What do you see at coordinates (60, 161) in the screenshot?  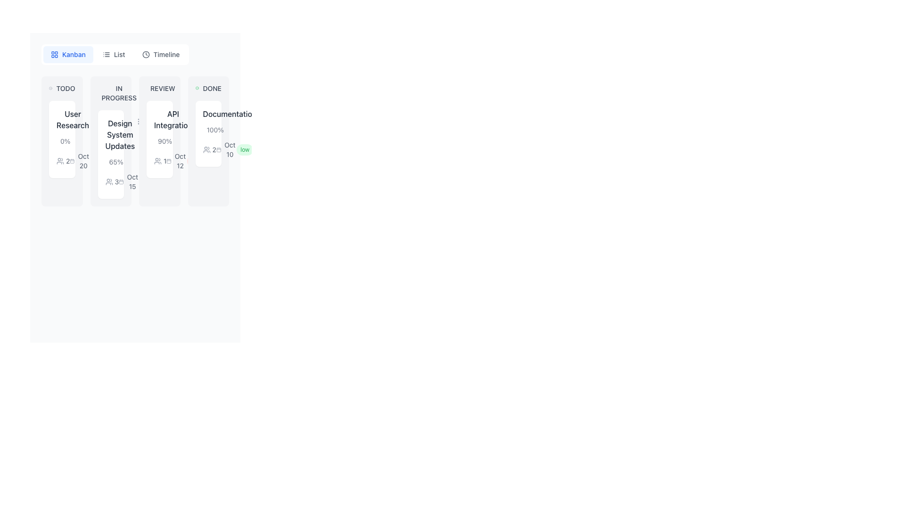 I see `the icon representing the group of users or tasks located in the first card under the 'TODO' section of the Kanban board, adjacent to the text '2'` at bounding box center [60, 161].